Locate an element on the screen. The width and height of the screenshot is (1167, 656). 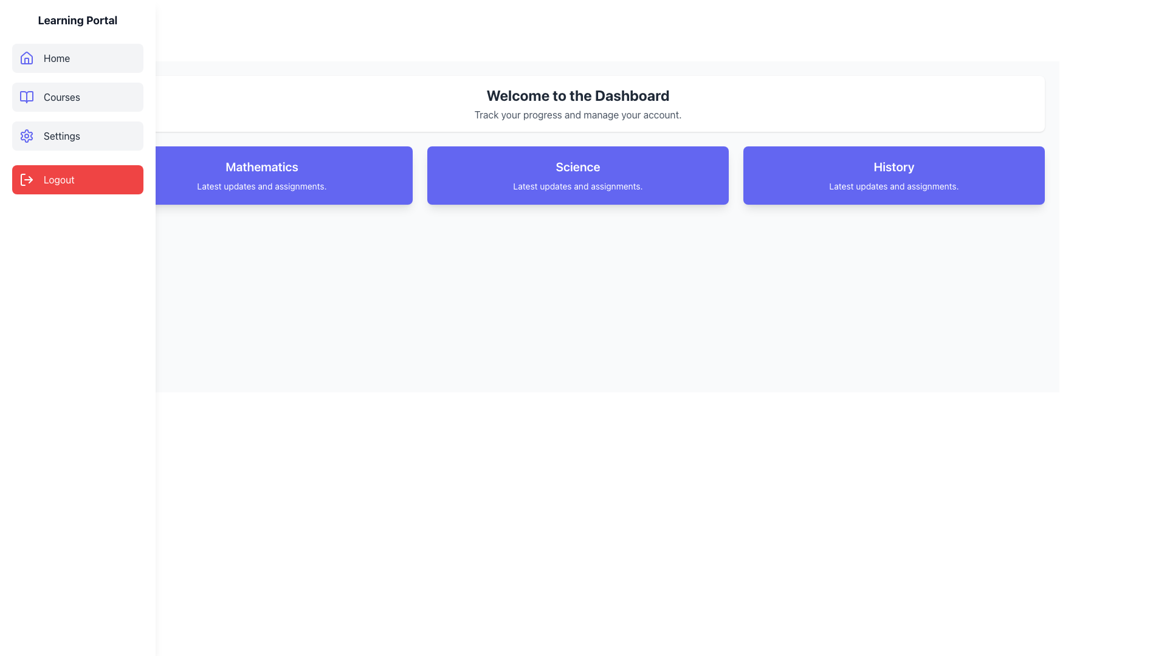
the left vertical rectangle of the door-like icon within the house-shaped vector graphic in the 'Home' menu item is located at coordinates (26, 61).